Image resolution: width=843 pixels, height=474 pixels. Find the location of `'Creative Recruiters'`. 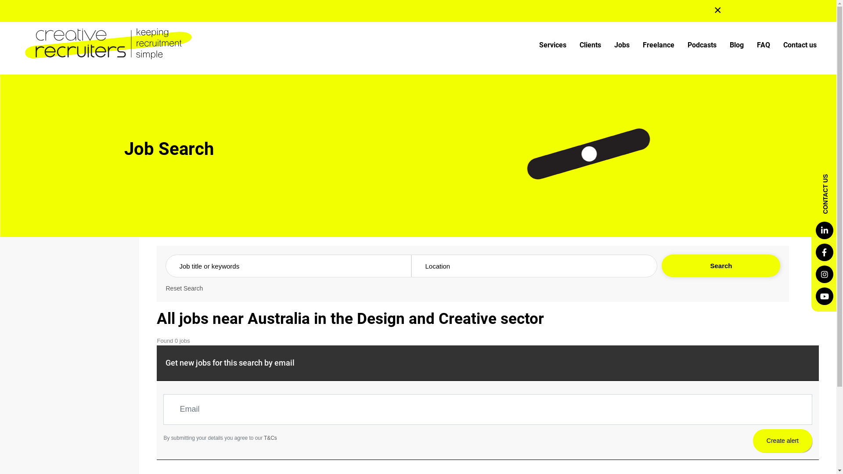

'Creative Recruiters' is located at coordinates (105, 44).